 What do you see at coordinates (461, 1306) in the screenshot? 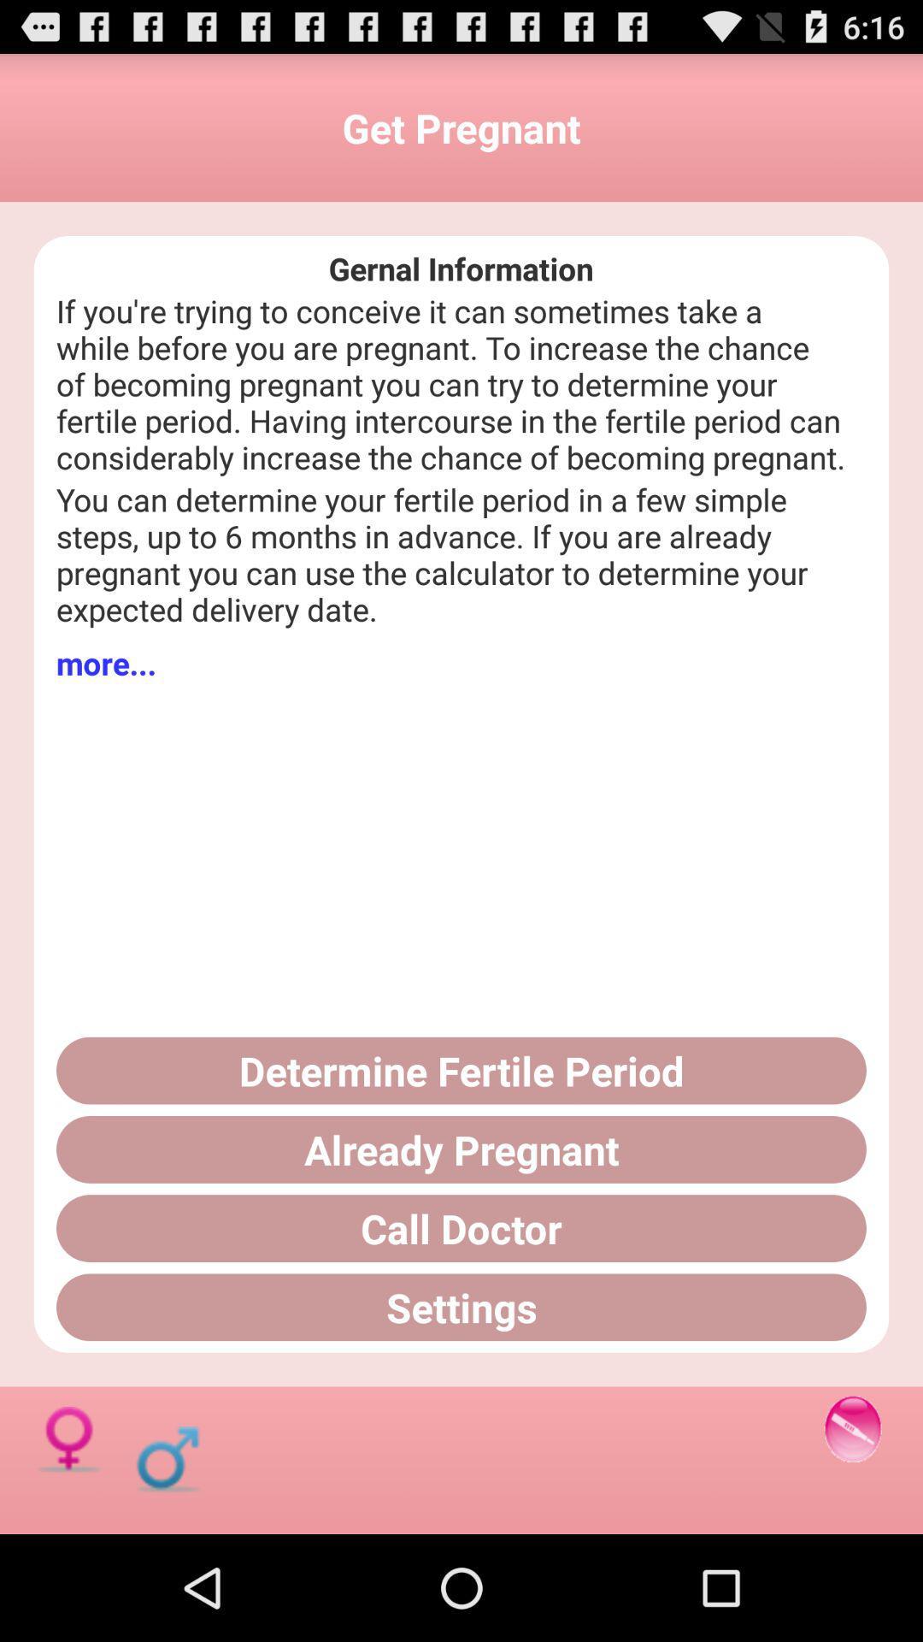
I see `the button below the call doctor button` at bounding box center [461, 1306].